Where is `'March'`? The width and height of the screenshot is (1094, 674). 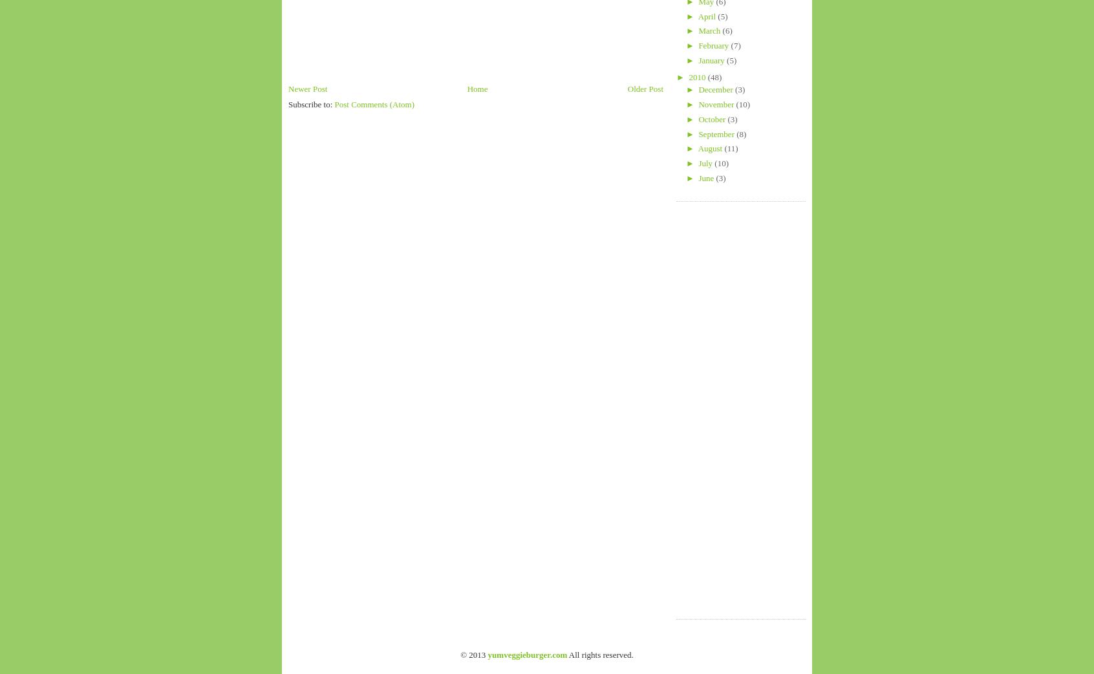
'March' is located at coordinates (710, 30).